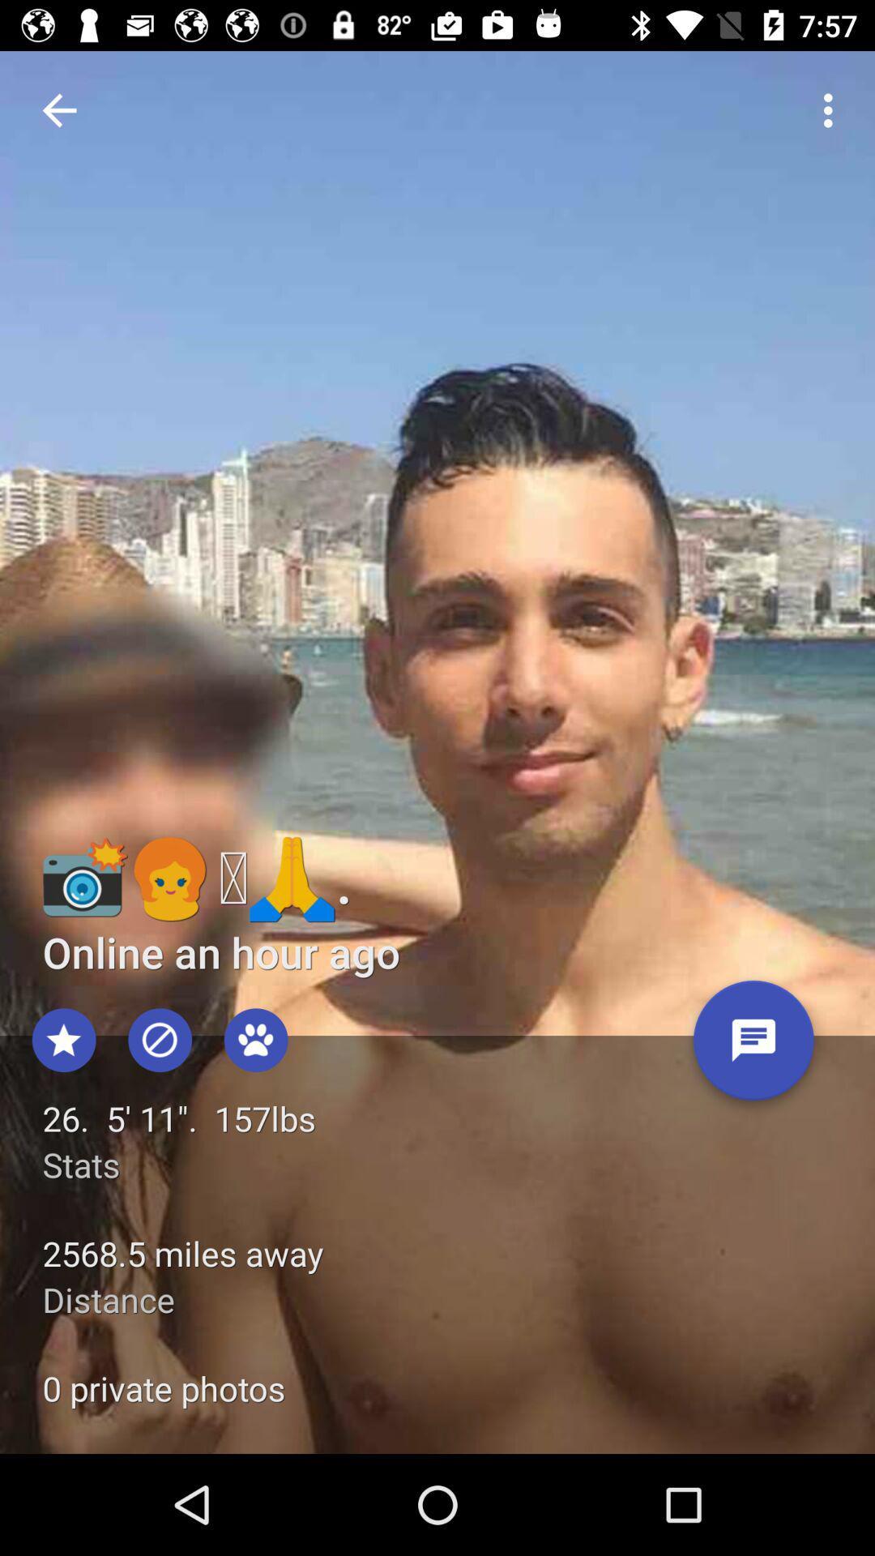 This screenshot has height=1556, width=875. What do you see at coordinates (753, 1046) in the screenshot?
I see `message` at bounding box center [753, 1046].